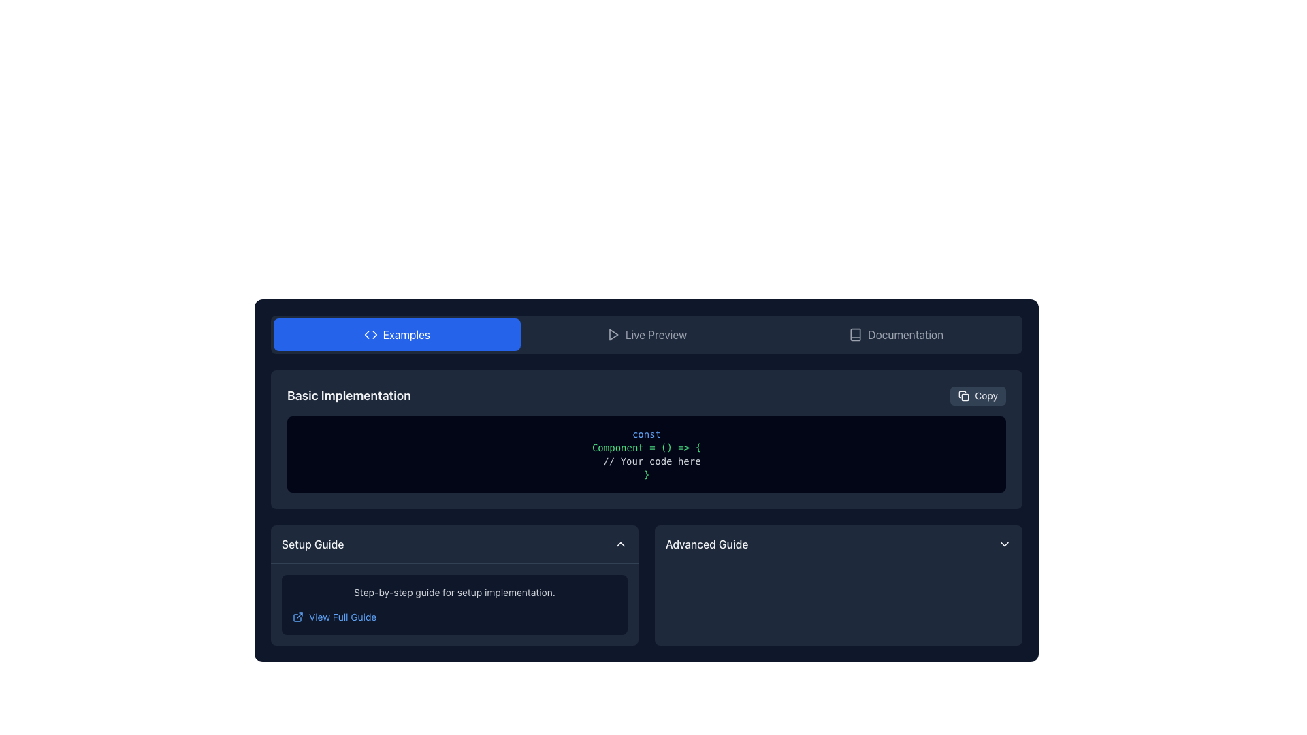 This screenshot has height=735, width=1307. Describe the element at coordinates (334, 617) in the screenshot. I see `the 'View Full Guide' hyperlink styled as a button in blue color located in the 'Setup Guide' panel` at that location.